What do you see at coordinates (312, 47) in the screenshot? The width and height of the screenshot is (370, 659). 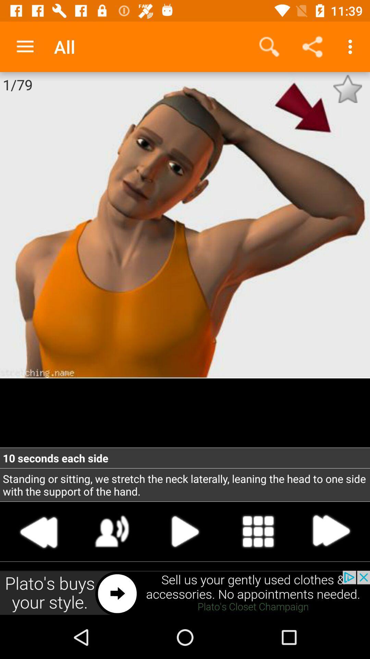 I see `the share button` at bounding box center [312, 47].